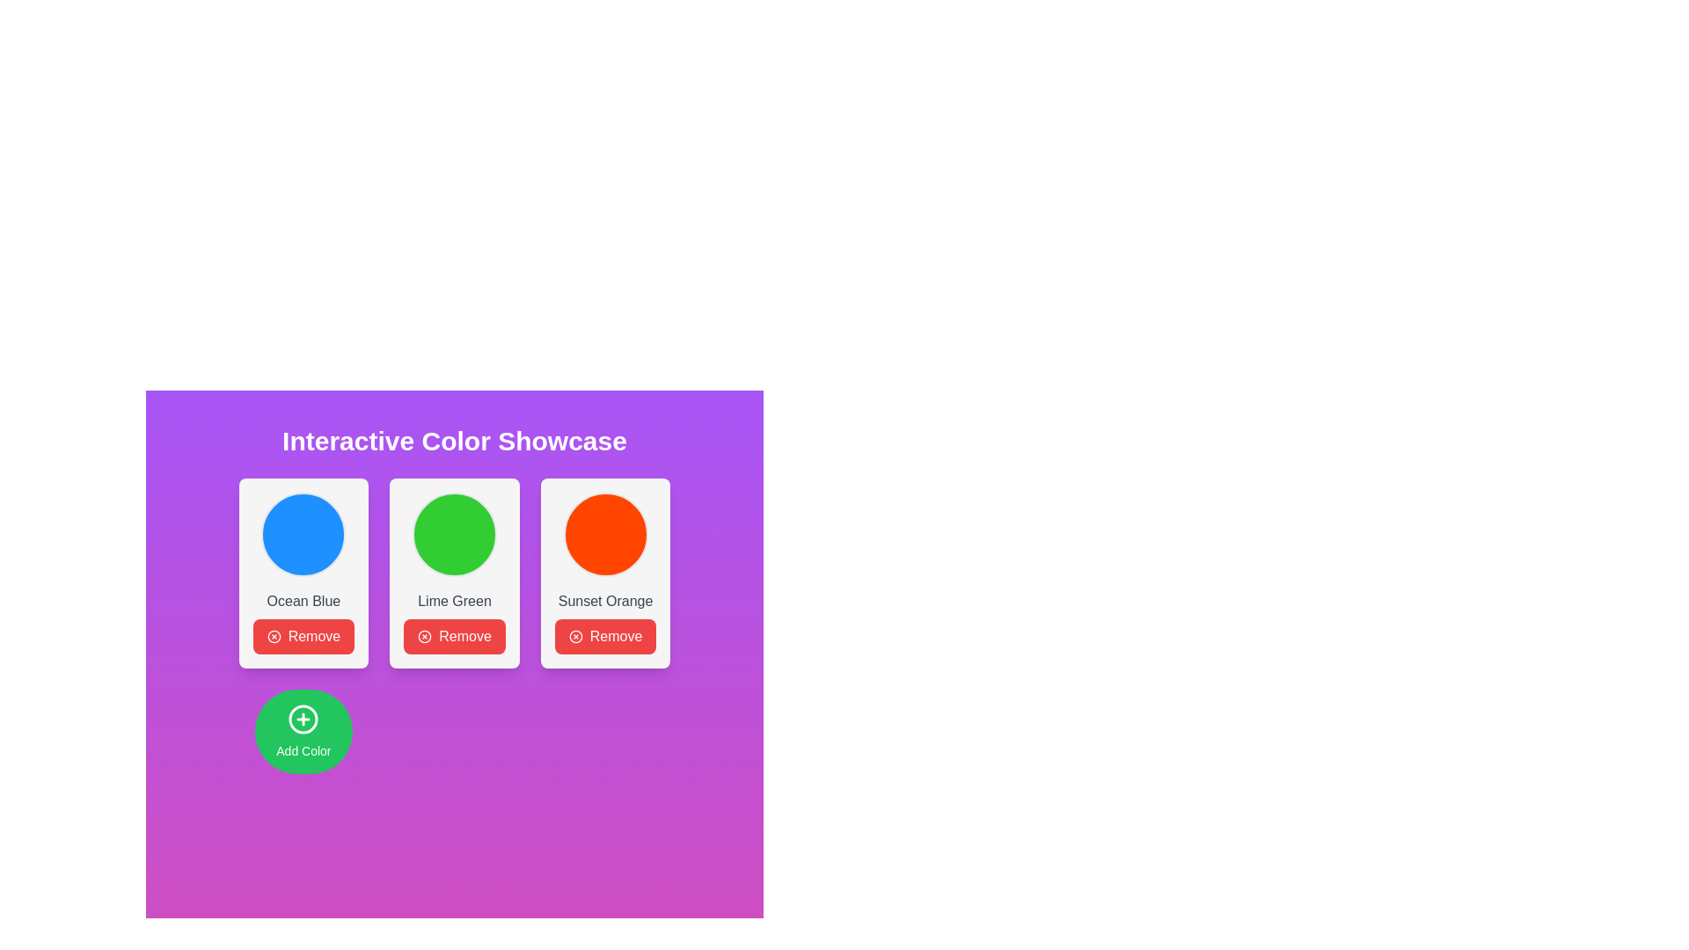 The height and width of the screenshot is (950, 1689). I want to click on the descriptive text label for the 'Add Color' button, which is located inside a green circular button below color cards labeled 'Ocean Blue', 'Lime Green', and 'Sunset Orange', so click(303, 750).